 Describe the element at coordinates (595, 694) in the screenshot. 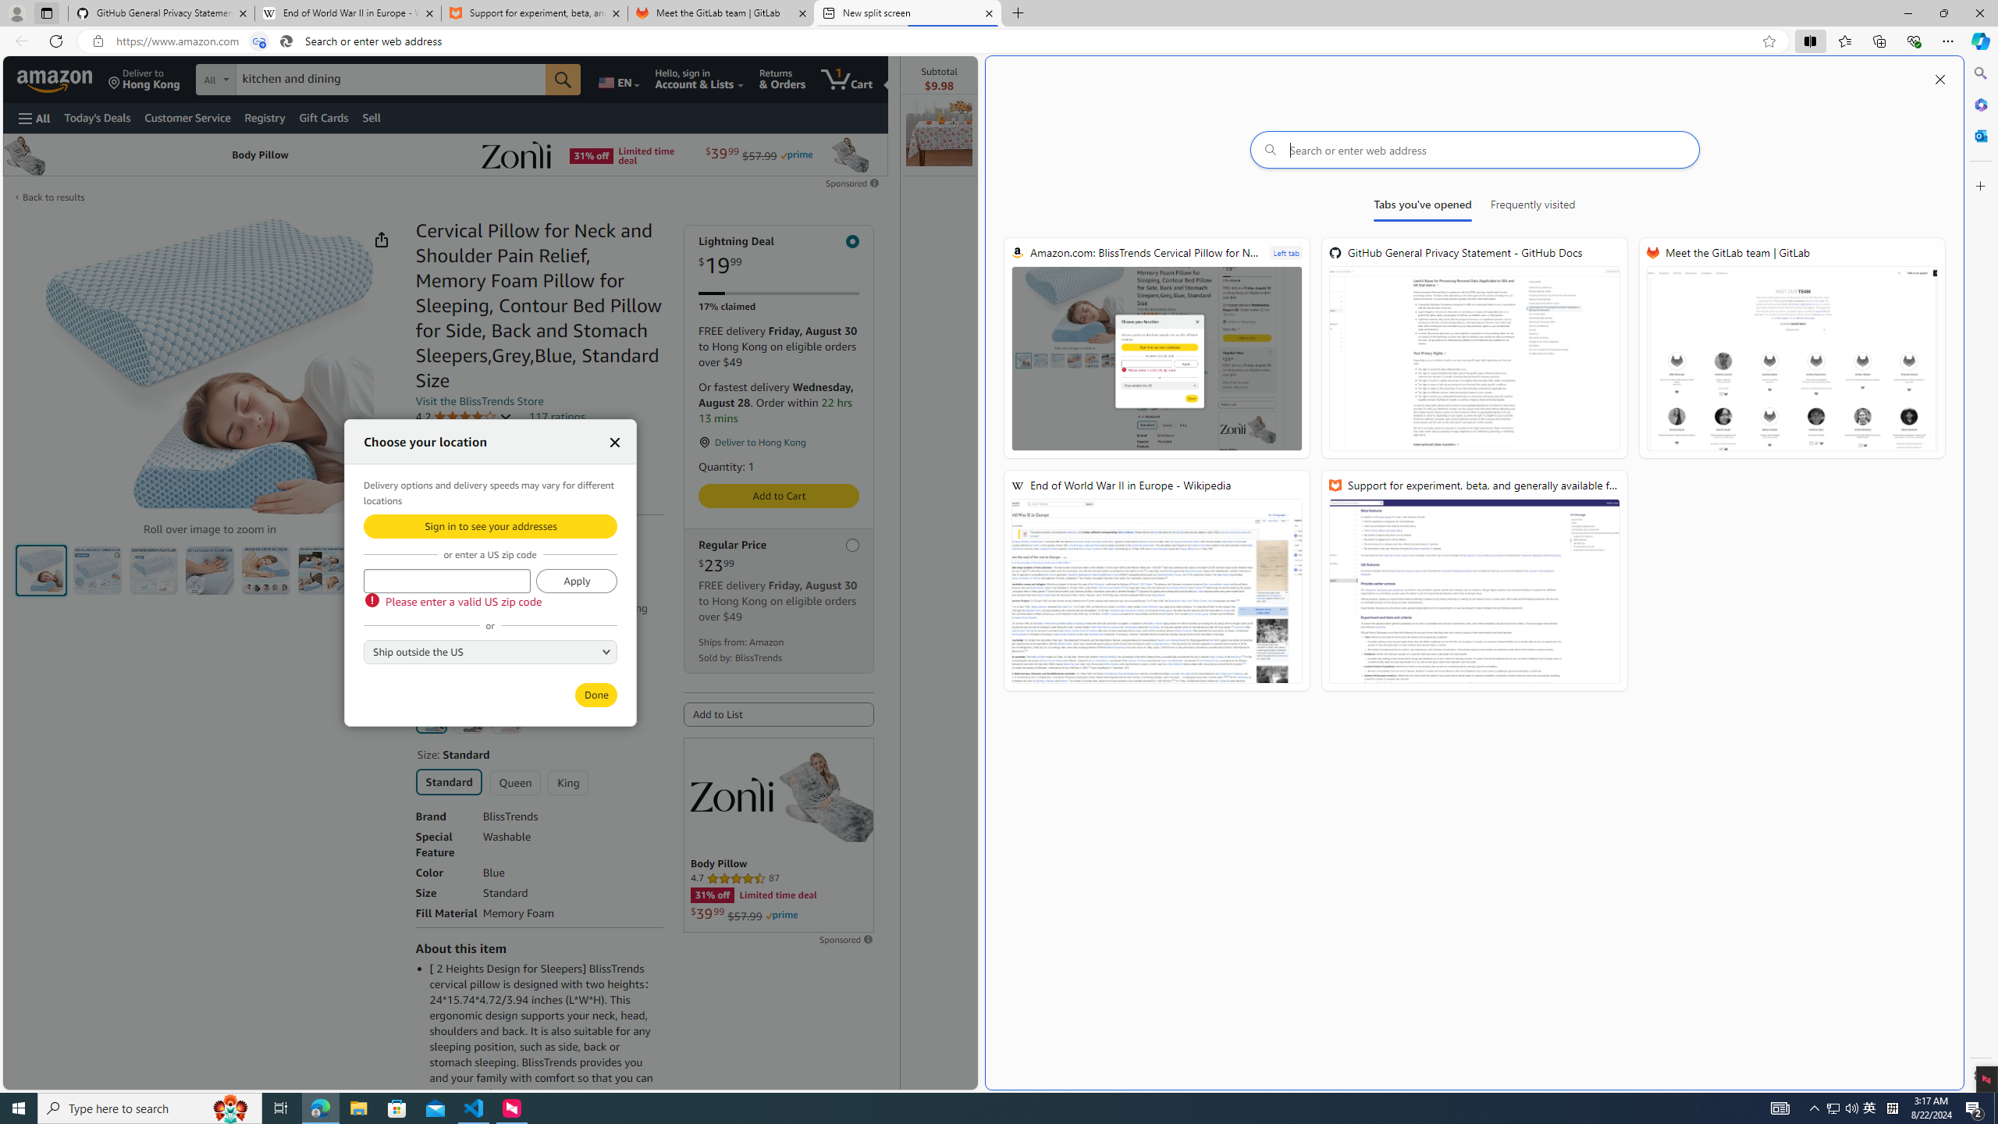

I see `'Done'` at that location.